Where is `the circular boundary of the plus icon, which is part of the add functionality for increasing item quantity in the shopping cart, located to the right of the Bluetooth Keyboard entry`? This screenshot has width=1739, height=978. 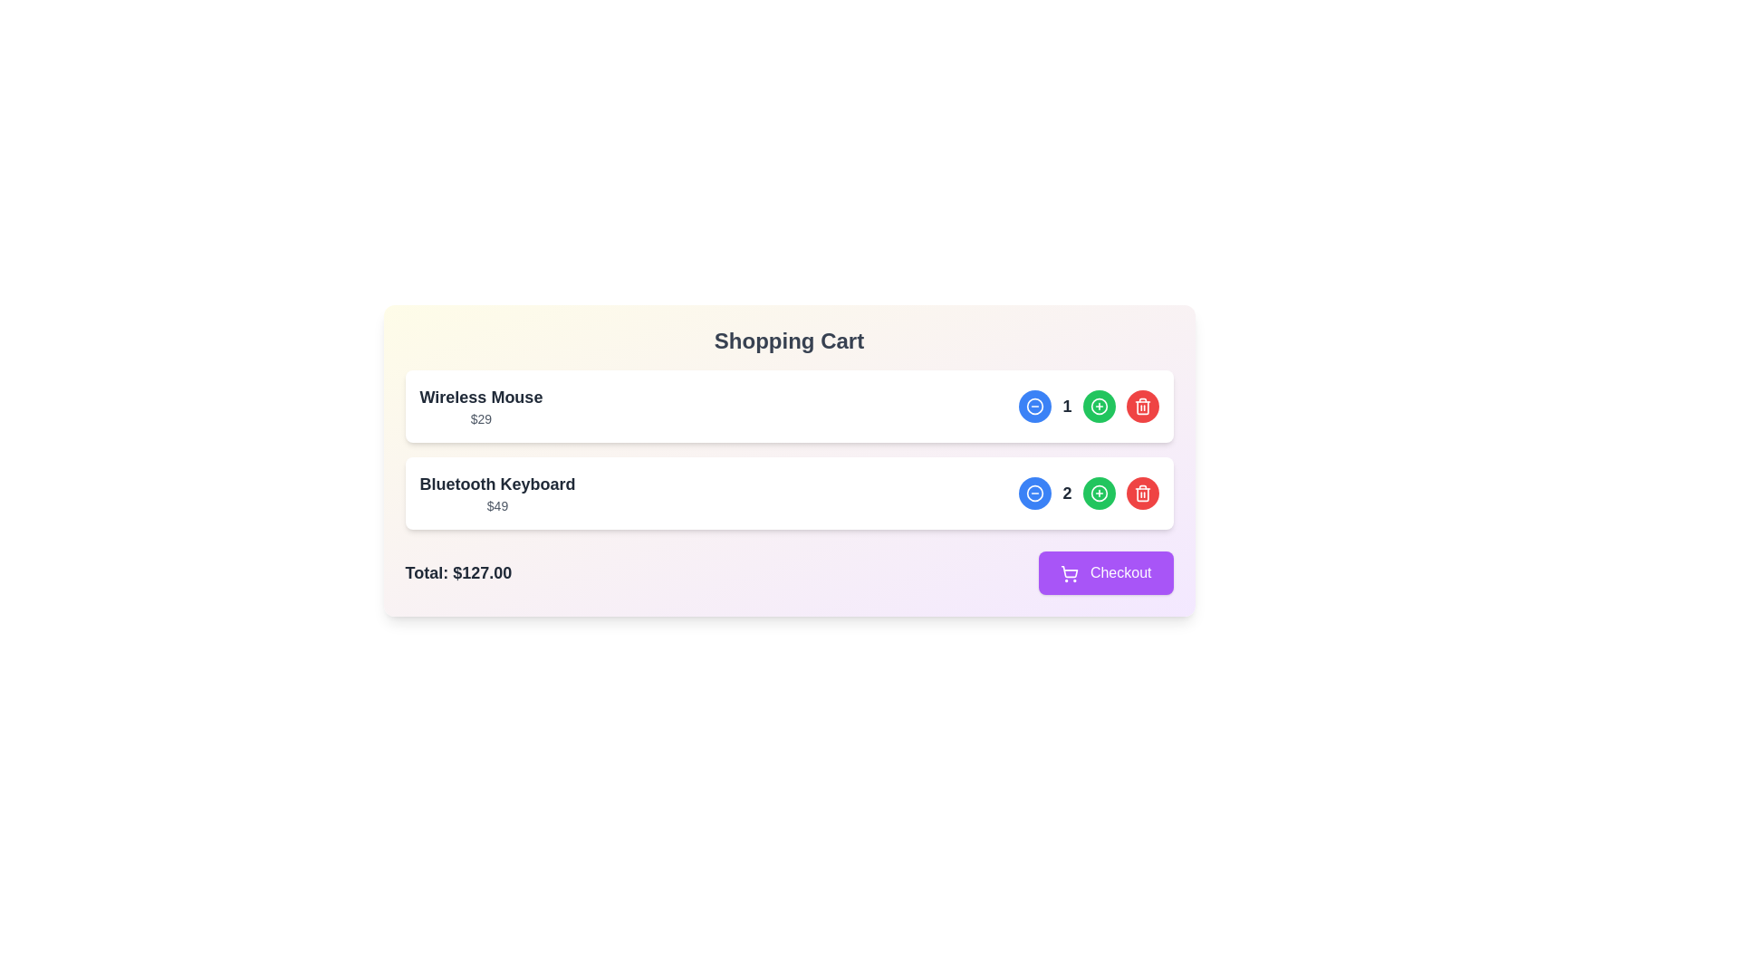
the circular boundary of the plus icon, which is part of the add functionality for increasing item quantity in the shopping cart, located to the right of the Bluetooth Keyboard entry is located at coordinates (1098, 405).